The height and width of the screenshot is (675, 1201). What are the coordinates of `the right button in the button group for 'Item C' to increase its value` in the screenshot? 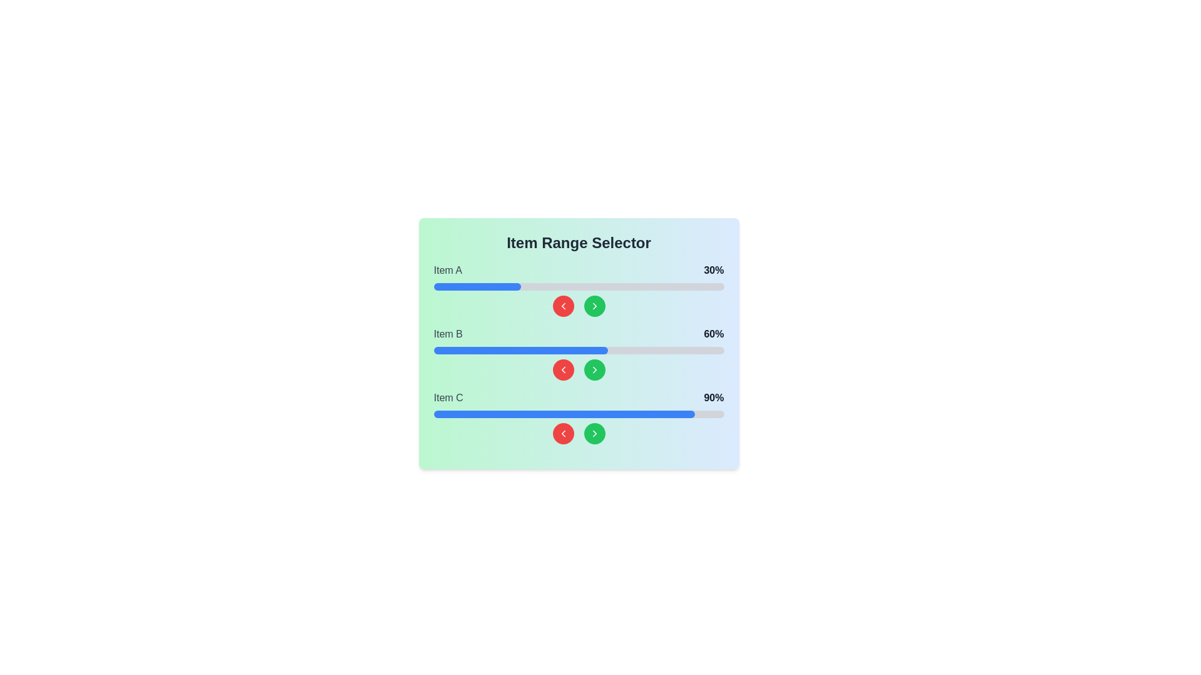 It's located at (578, 433).